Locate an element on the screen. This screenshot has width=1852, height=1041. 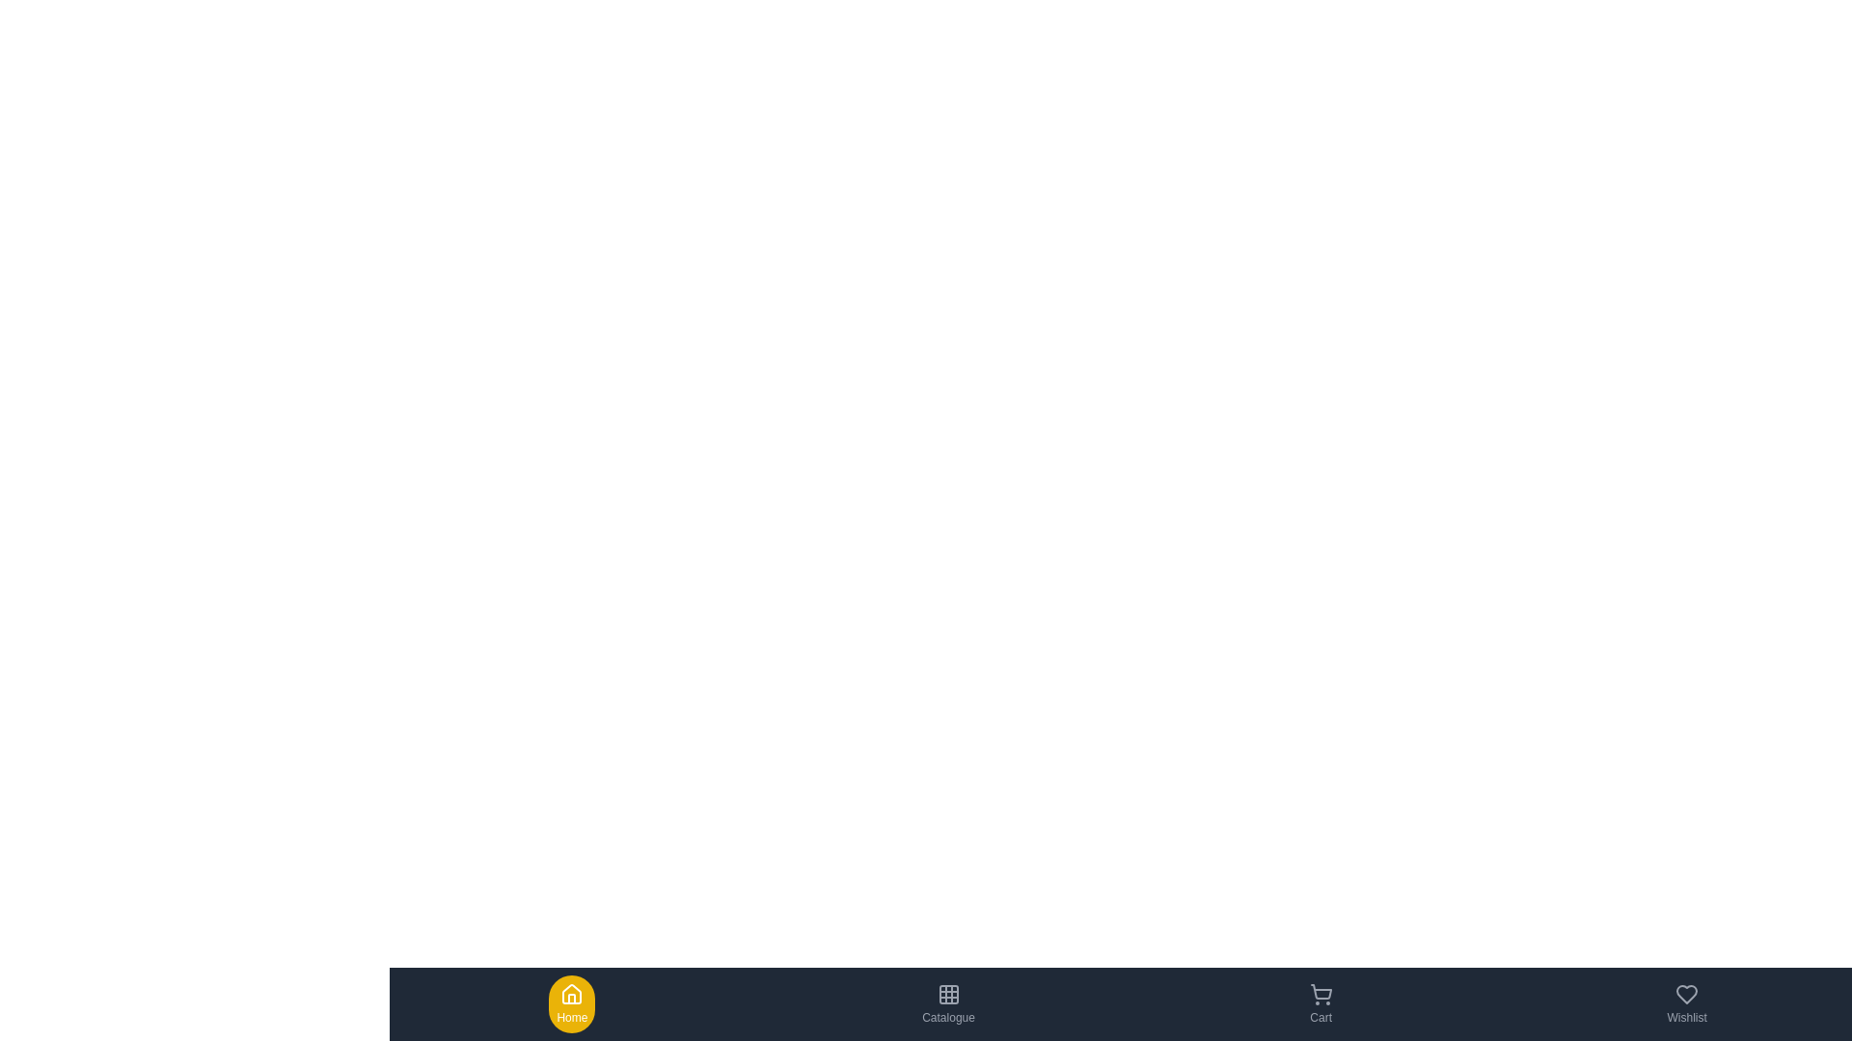
the button labeled Home to observe its hover effect is located at coordinates (571, 1002).